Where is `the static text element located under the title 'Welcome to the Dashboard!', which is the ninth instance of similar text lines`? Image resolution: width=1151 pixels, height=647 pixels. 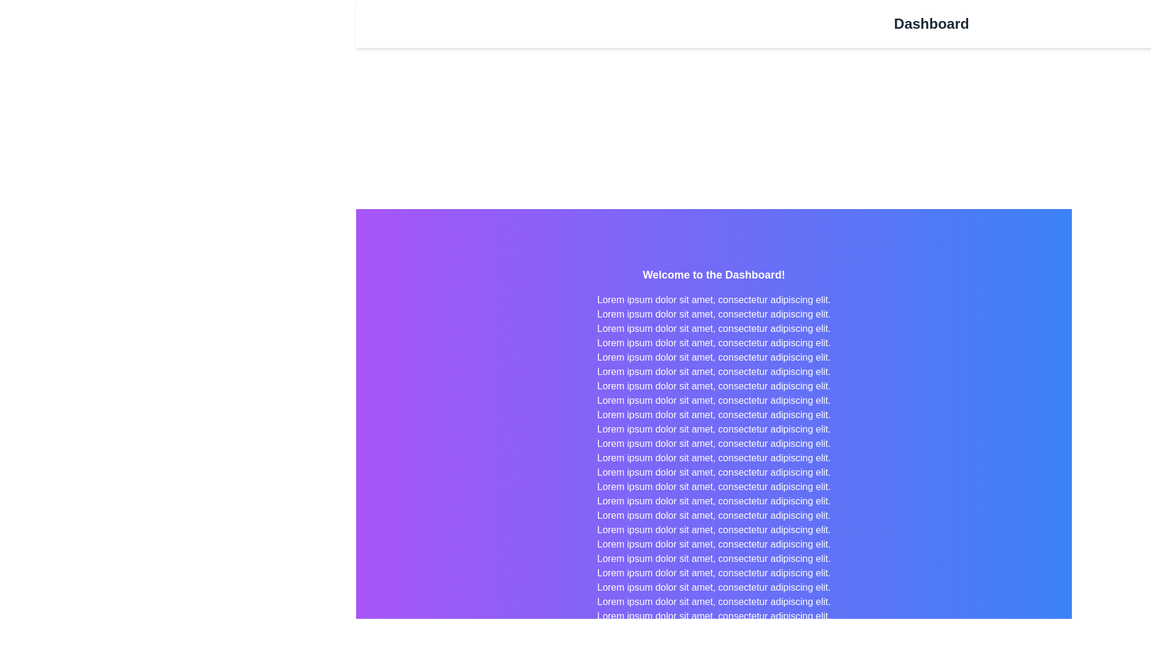
the static text element located under the title 'Welcome to the Dashboard!', which is the ninth instance of similar text lines is located at coordinates (713, 415).